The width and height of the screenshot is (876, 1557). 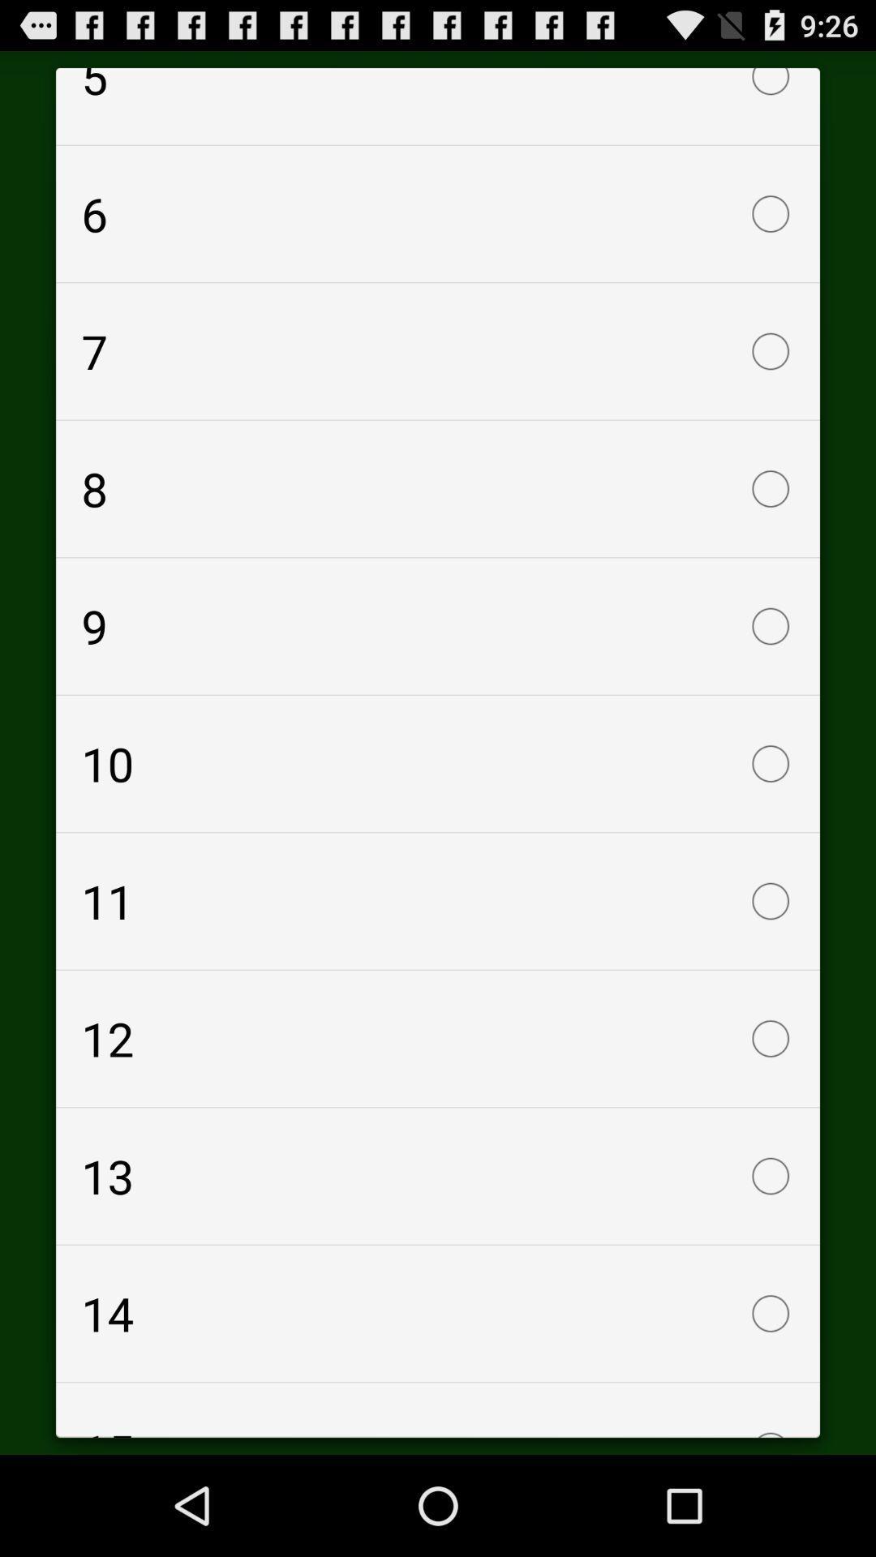 What do you see at coordinates (438, 213) in the screenshot?
I see `the icon below the 5 item` at bounding box center [438, 213].